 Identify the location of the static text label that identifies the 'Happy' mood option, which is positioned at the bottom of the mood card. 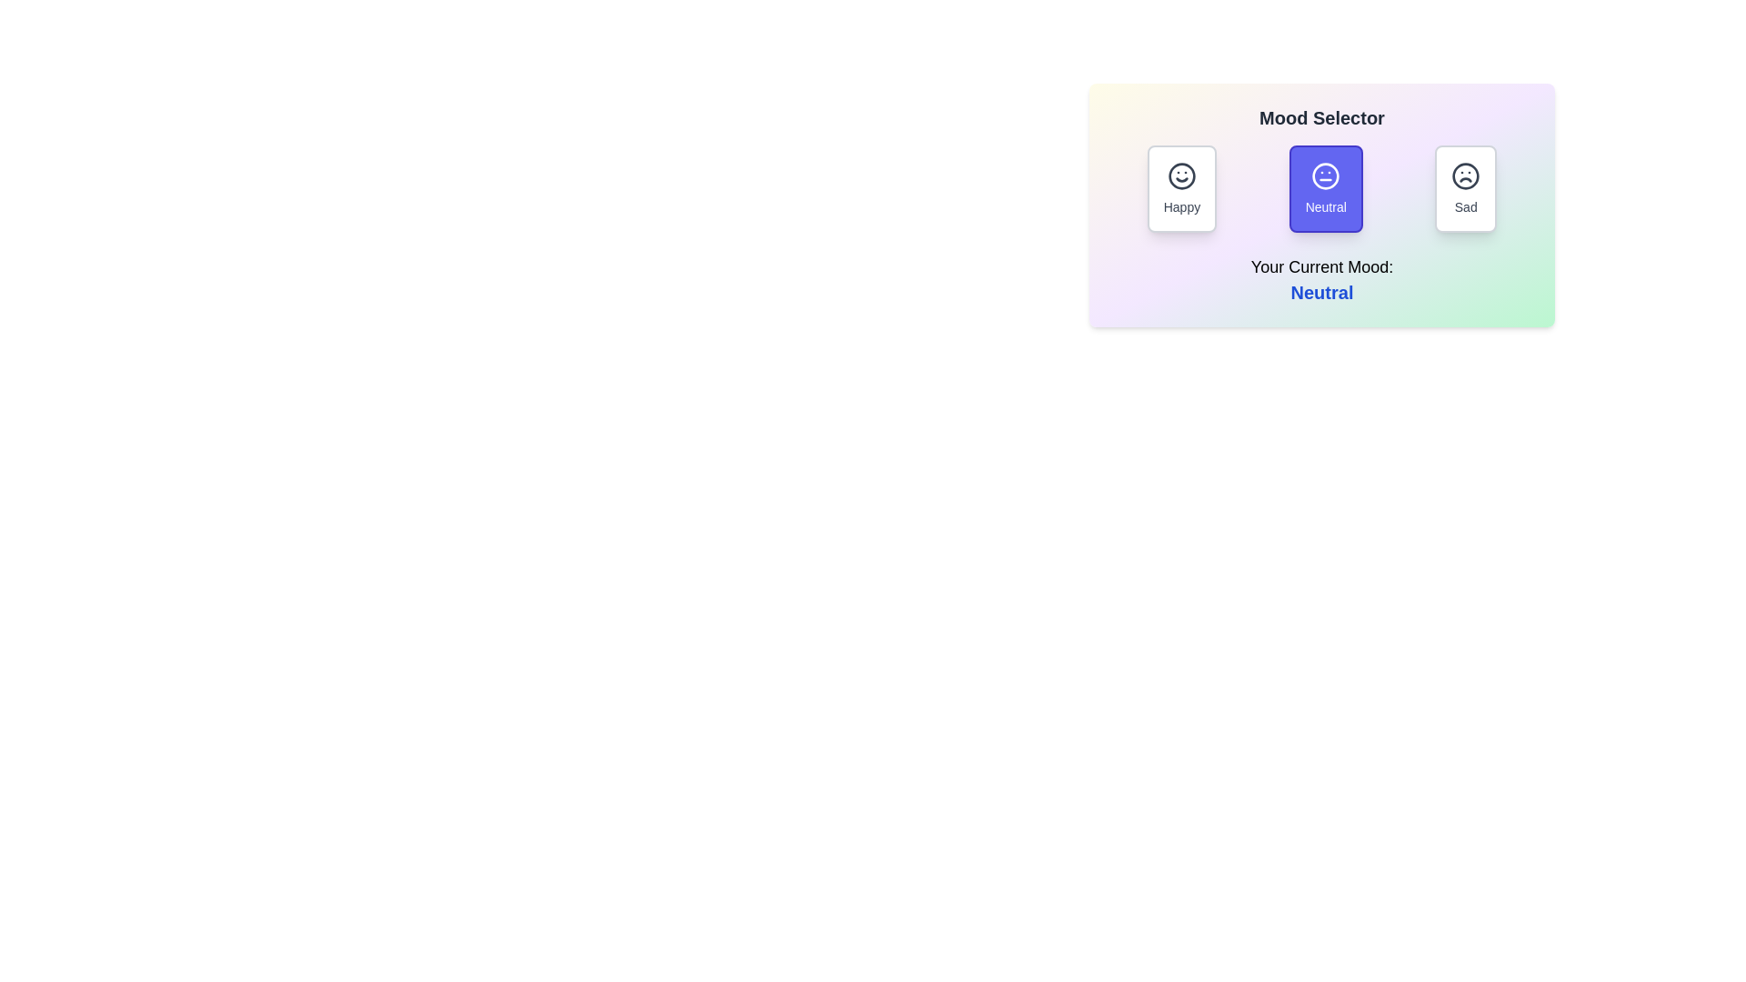
(1182, 205).